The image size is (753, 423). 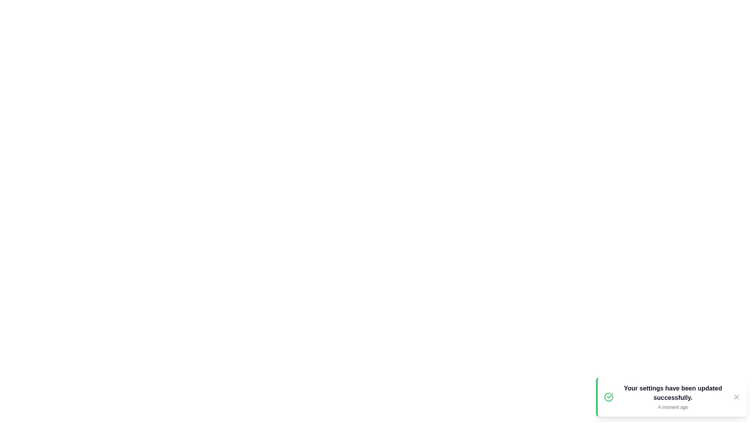 I want to click on the timestamp text below the notification message, so click(x=673, y=407).